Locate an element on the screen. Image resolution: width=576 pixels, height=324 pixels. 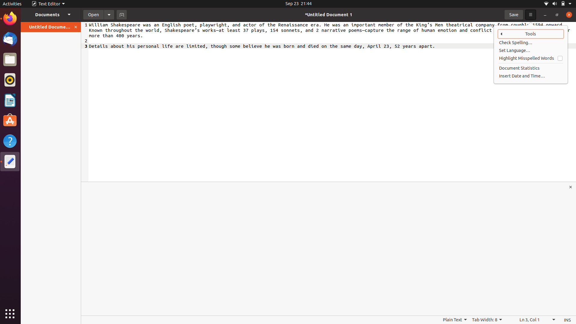
Start a fresh document is located at coordinates (121, 14).